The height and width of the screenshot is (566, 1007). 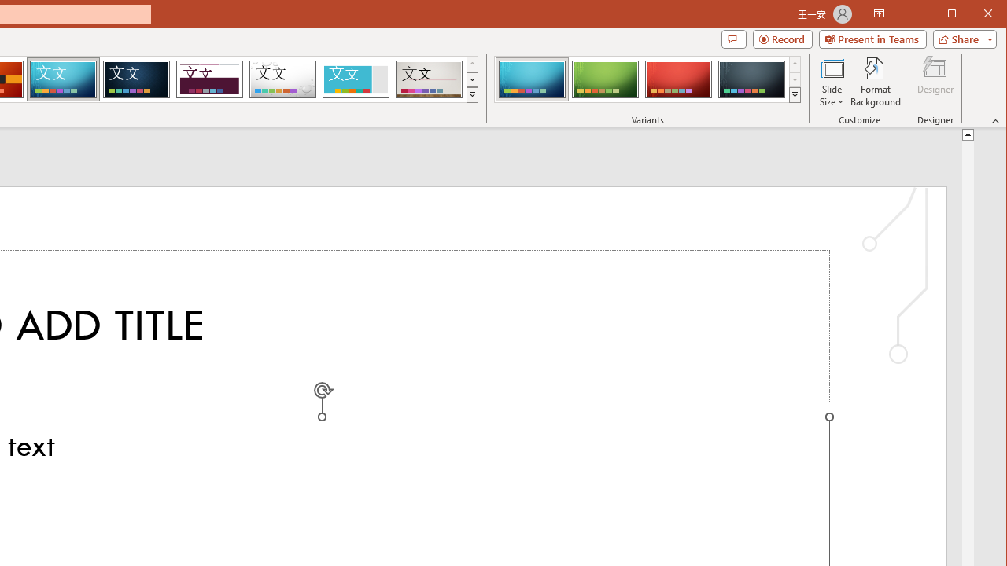 I want to click on 'Circuit Variant 2', so click(x=604, y=79).